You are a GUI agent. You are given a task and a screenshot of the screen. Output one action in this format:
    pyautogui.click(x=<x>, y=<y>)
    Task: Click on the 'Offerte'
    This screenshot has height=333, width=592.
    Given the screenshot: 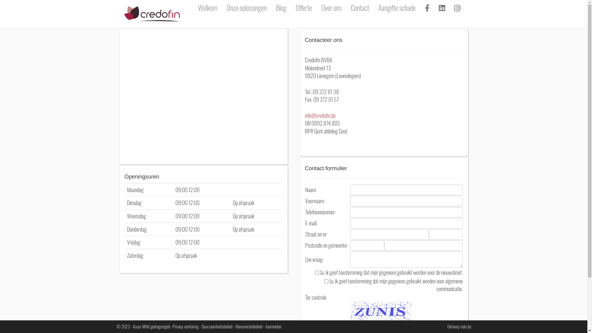 What is the action you would take?
    pyautogui.click(x=304, y=7)
    